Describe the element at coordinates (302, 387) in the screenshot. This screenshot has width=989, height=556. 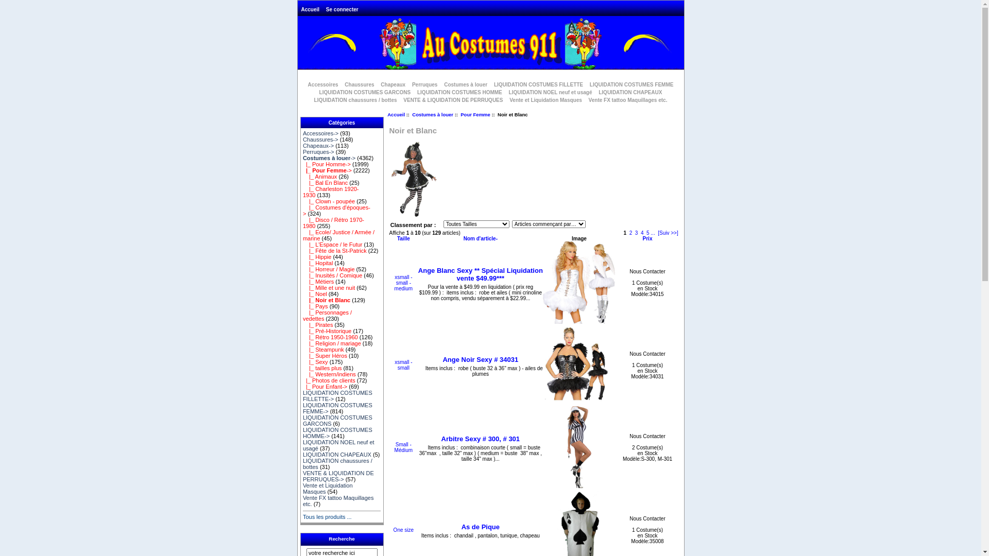
I see `'  |_ Pour Enfant->'` at that location.